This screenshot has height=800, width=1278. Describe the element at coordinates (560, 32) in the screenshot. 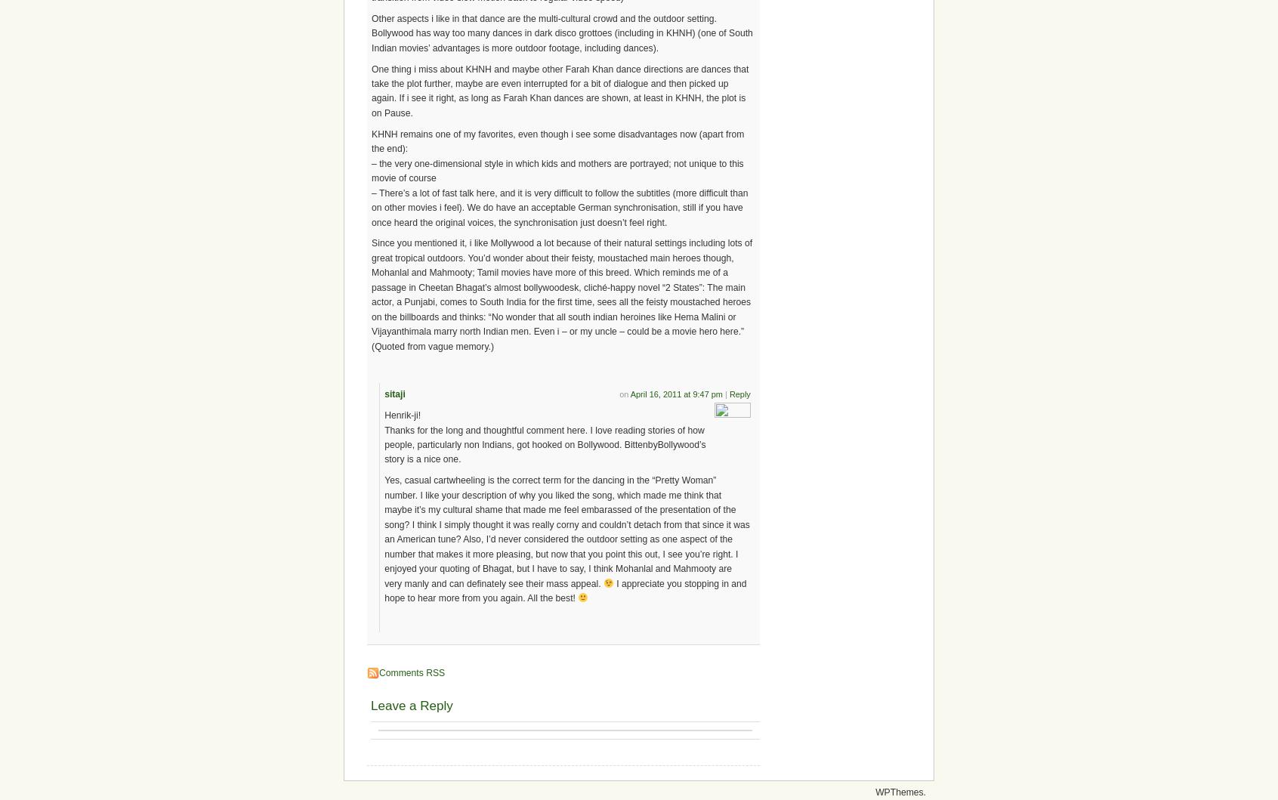

I see `'Other aspects i like in that dance are the multi-cultural crowd and the outdoor setting. Bollywood has way too many dances in dark disco grottoes (including in KHNH) (one of South Indian movies’ advantages is more outdoor footage, including dances).'` at that location.